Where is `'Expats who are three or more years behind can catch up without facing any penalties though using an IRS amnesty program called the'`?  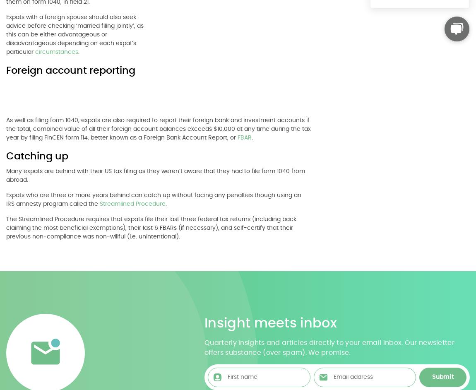
'Expats who are three or more years behind can catch up without facing any penalties though using an IRS amnesty program called the' is located at coordinates (154, 200).